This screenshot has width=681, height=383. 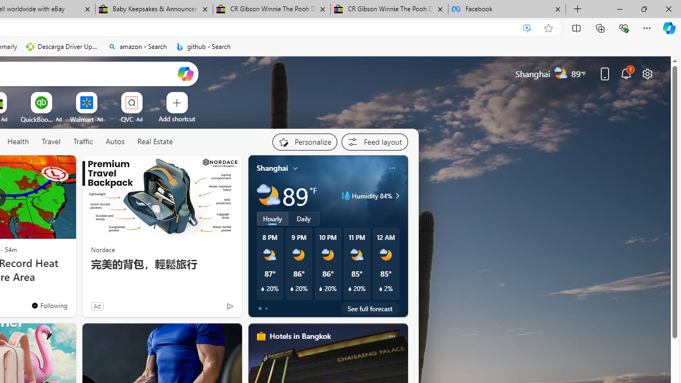 I want to click on 'Page settings', so click(x=646, y=73).